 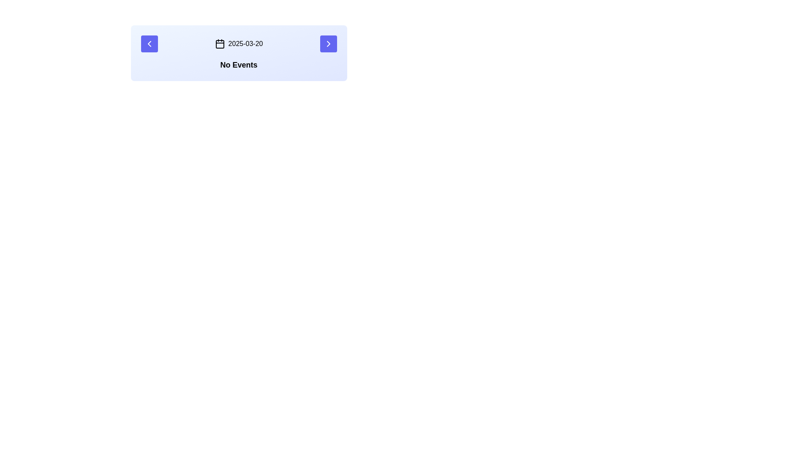 What do you see at coordinates (149, 44) in the screenshot?
I see `the left-pointing chevron-shaped icon` at bounding box center [149, 44].